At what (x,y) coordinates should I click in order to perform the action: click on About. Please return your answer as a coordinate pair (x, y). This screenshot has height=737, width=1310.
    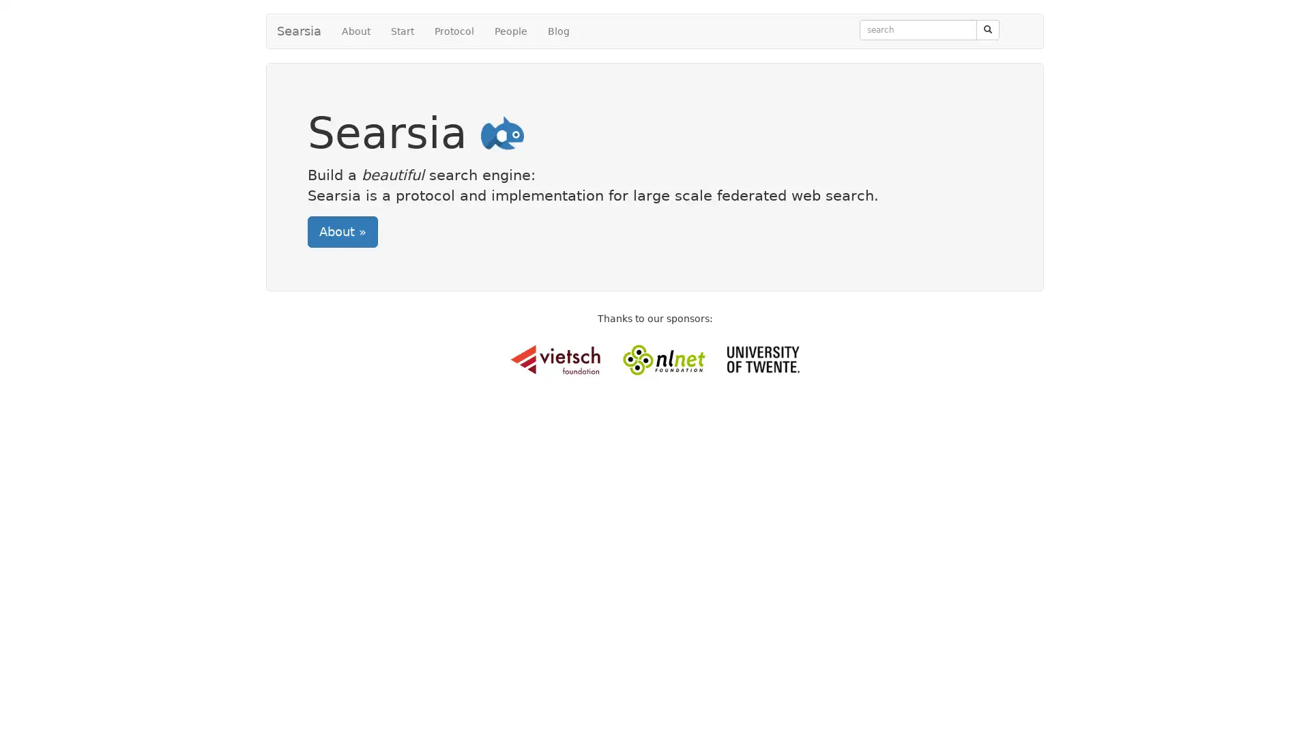
    Looking at the image, I should click on (343, 231).